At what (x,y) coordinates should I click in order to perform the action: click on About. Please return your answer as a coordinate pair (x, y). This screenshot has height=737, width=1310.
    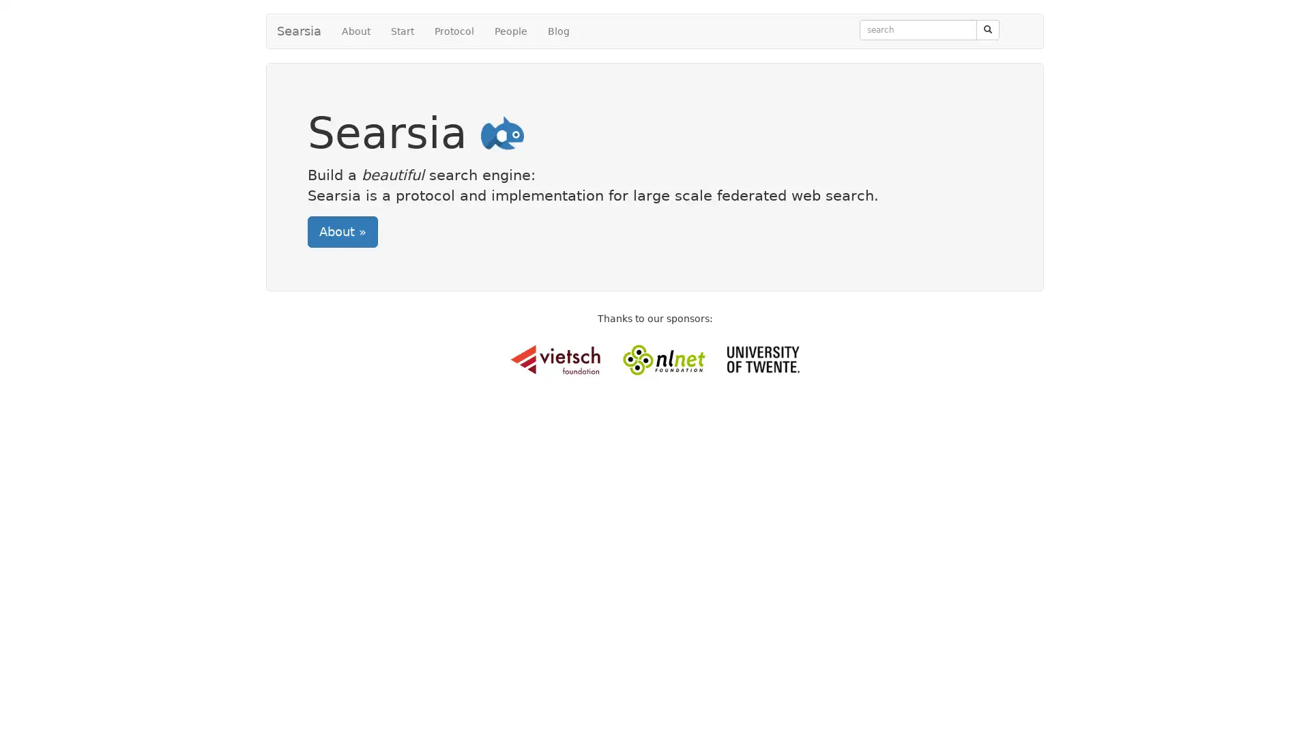
    Looking at the image, I should click on (343, 231).